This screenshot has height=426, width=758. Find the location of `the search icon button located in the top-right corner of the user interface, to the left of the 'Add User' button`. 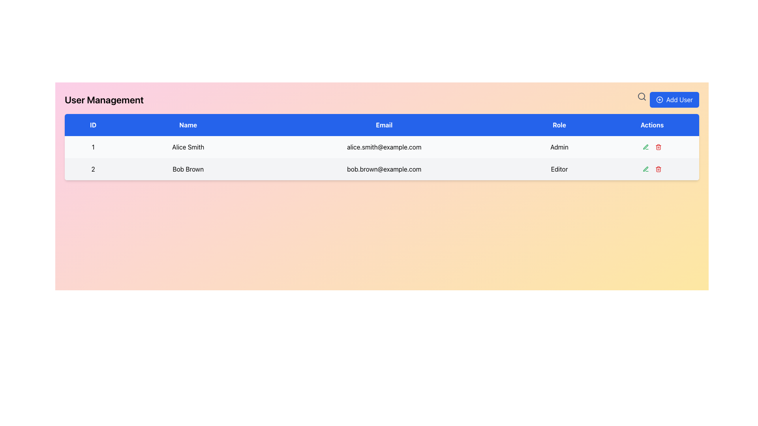

the search icon button located in the top-right corner of the user interface, to the left of the 'Add User' button is located at coordinates (642, 96).